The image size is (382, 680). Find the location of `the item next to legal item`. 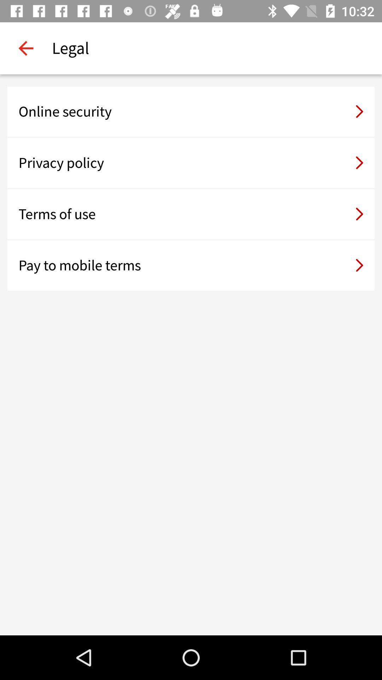

the item next to legal item is located at coordinates (25, 48).